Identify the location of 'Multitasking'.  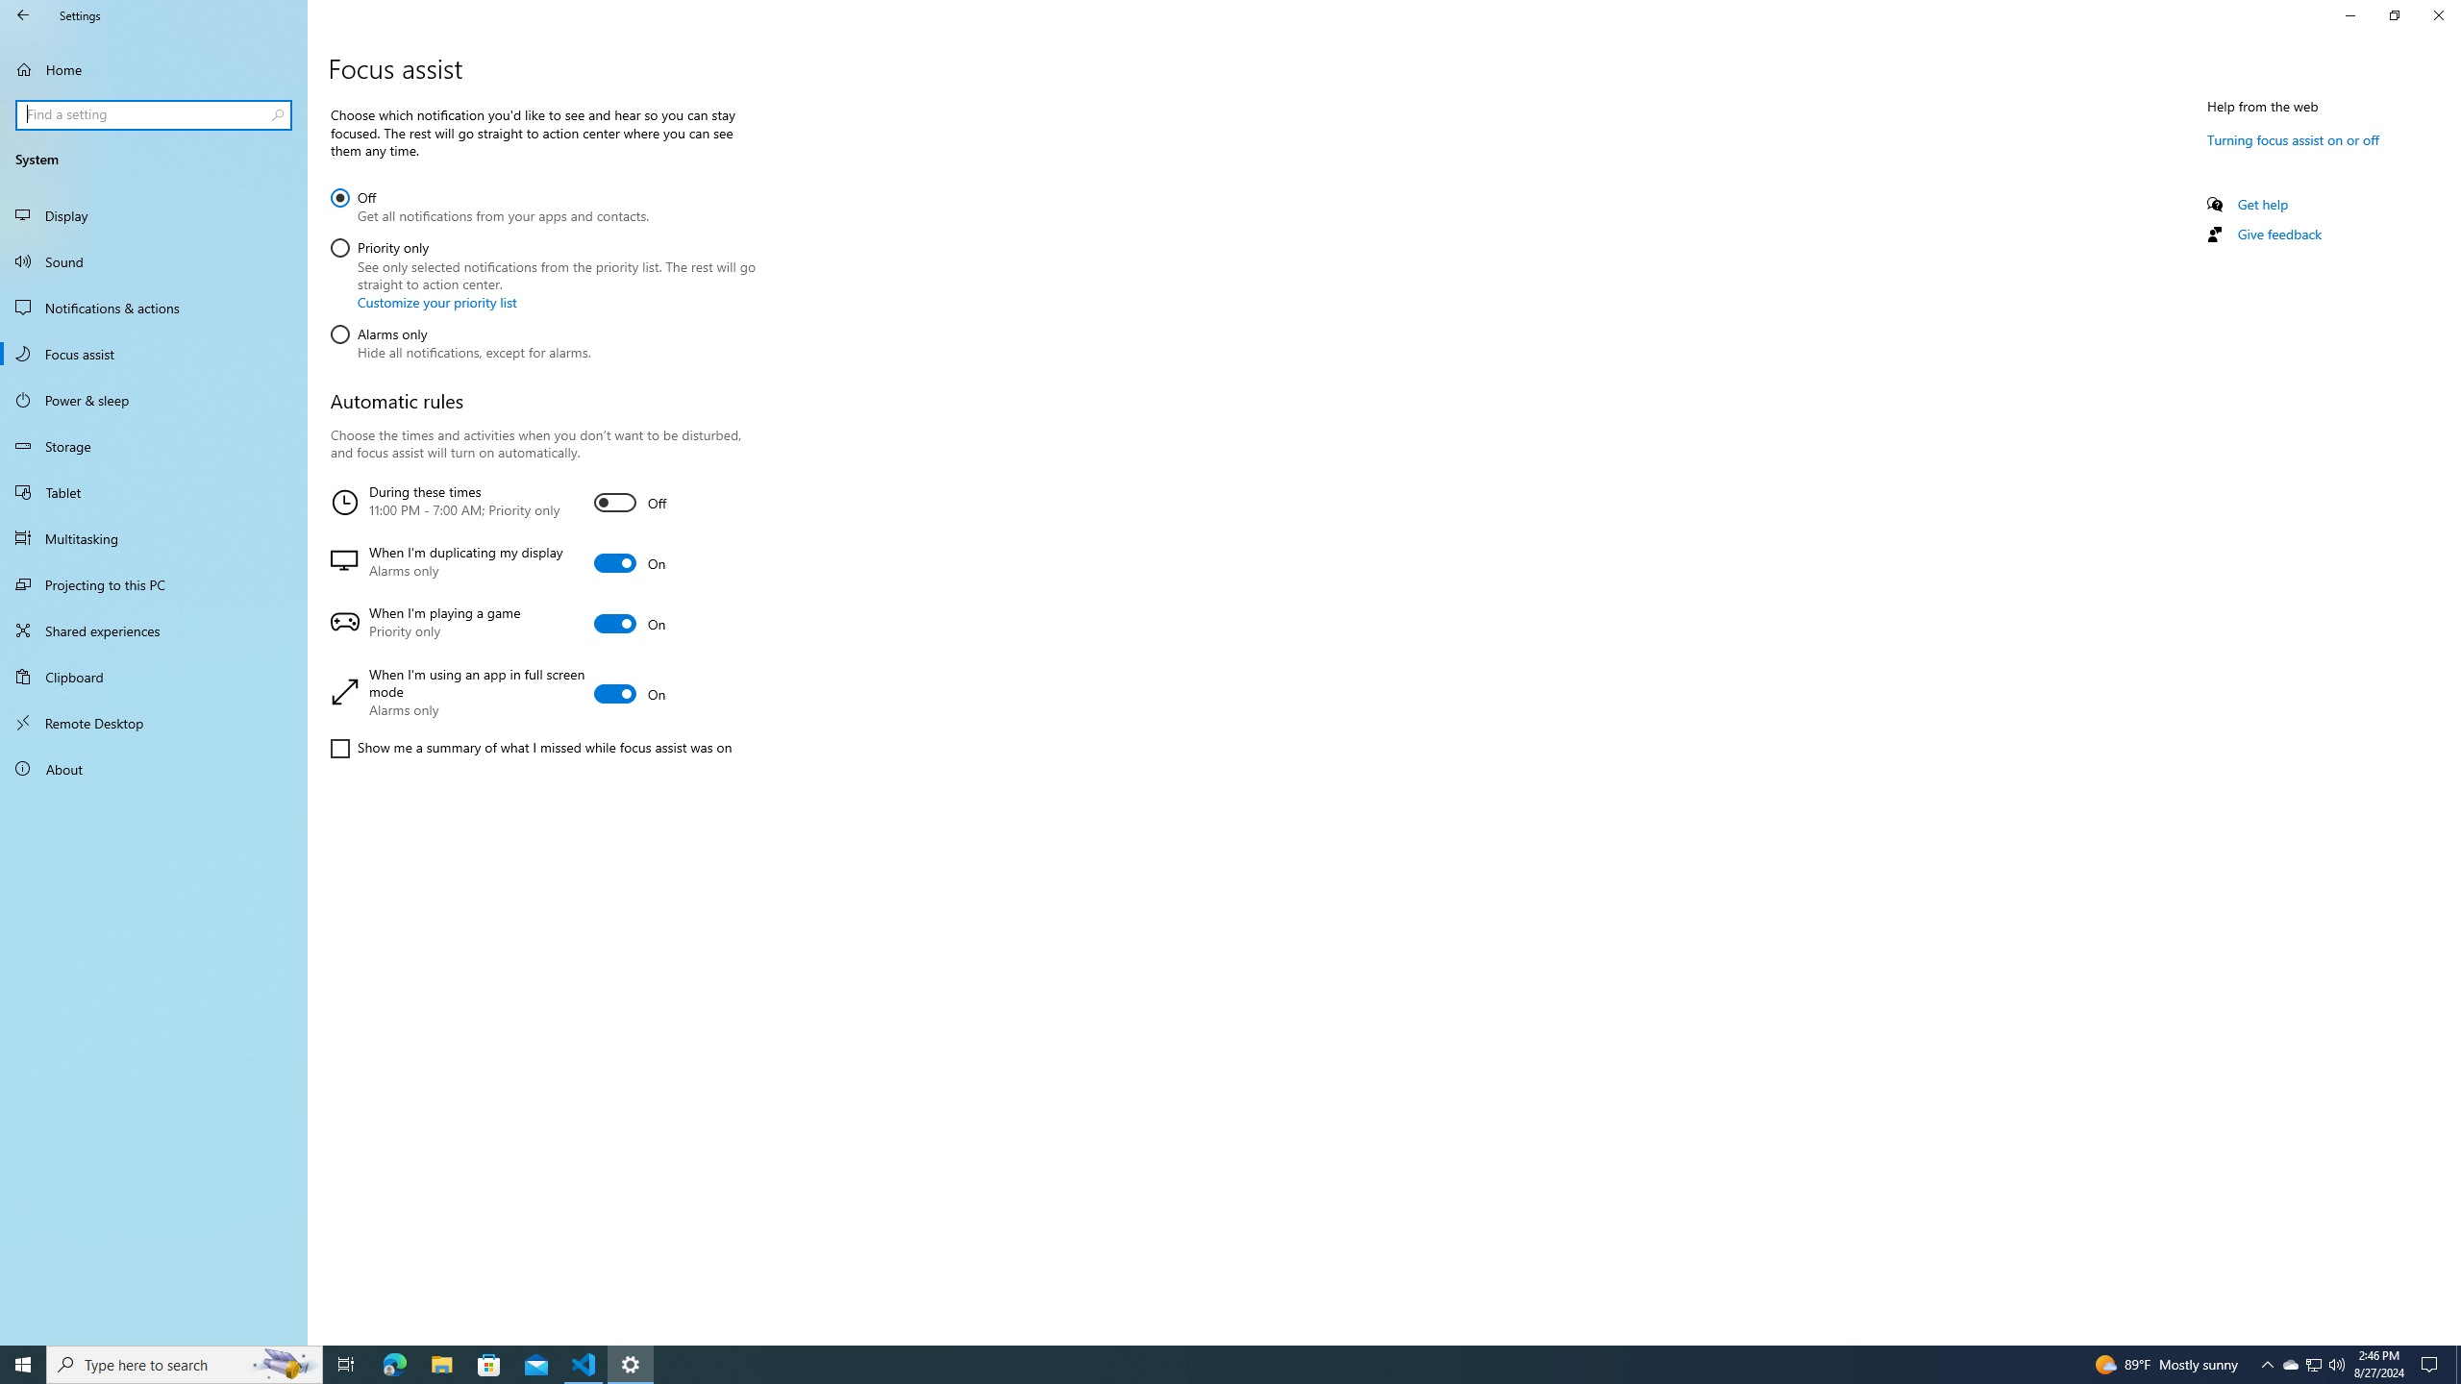
(153, 537).